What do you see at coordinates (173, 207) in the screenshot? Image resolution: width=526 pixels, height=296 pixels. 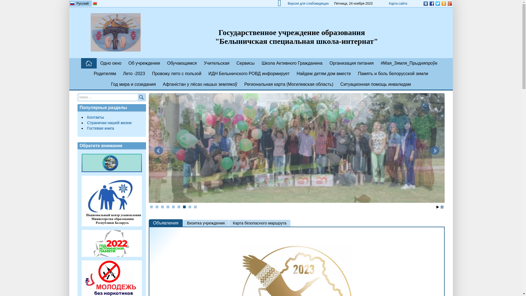 I see `'5'` at bounding box center [173, 207].